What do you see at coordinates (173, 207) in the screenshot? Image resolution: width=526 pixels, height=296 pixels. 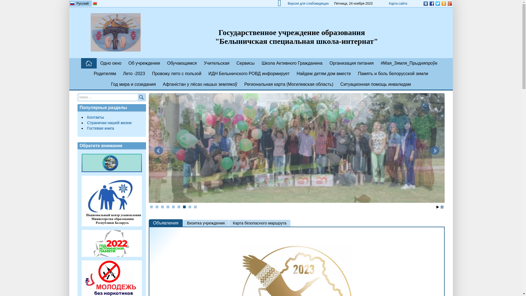 I see `'5'` at bounding box center [173, 207].